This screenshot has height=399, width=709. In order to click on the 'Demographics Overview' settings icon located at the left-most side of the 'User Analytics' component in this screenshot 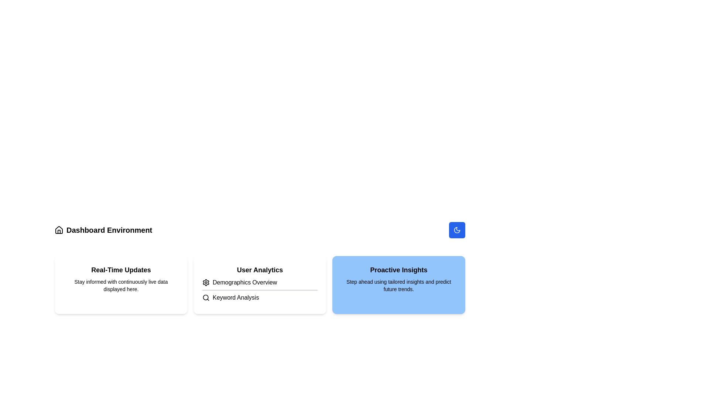, I will do `click(206, 282)`.